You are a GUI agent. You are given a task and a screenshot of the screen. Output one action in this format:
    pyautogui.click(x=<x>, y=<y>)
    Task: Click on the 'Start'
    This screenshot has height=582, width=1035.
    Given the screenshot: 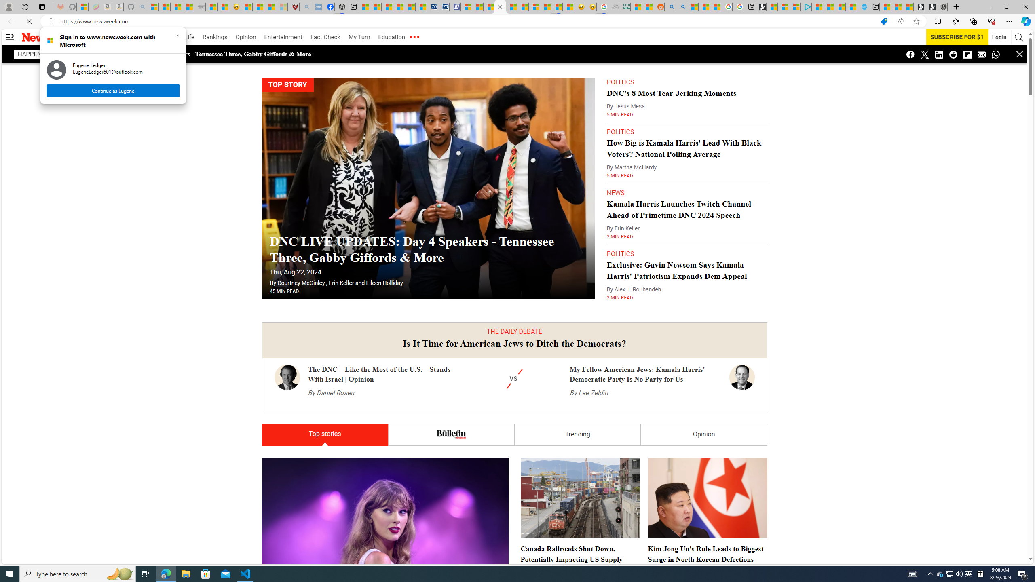 What is the action you would take?
    pyautogui.click(x=10, y=573)
    